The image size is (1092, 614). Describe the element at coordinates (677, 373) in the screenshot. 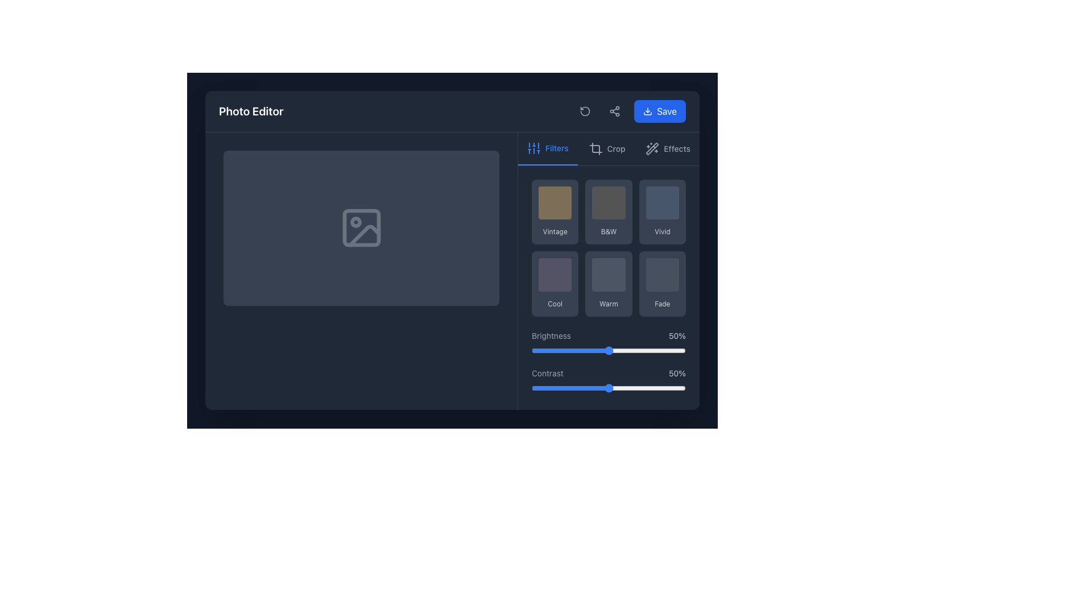

I see `current contrast value displayed as a percentage in the text label located to the right of the 'Contrast' label within the contrast adjustment section of the photo editor interface` at that location.